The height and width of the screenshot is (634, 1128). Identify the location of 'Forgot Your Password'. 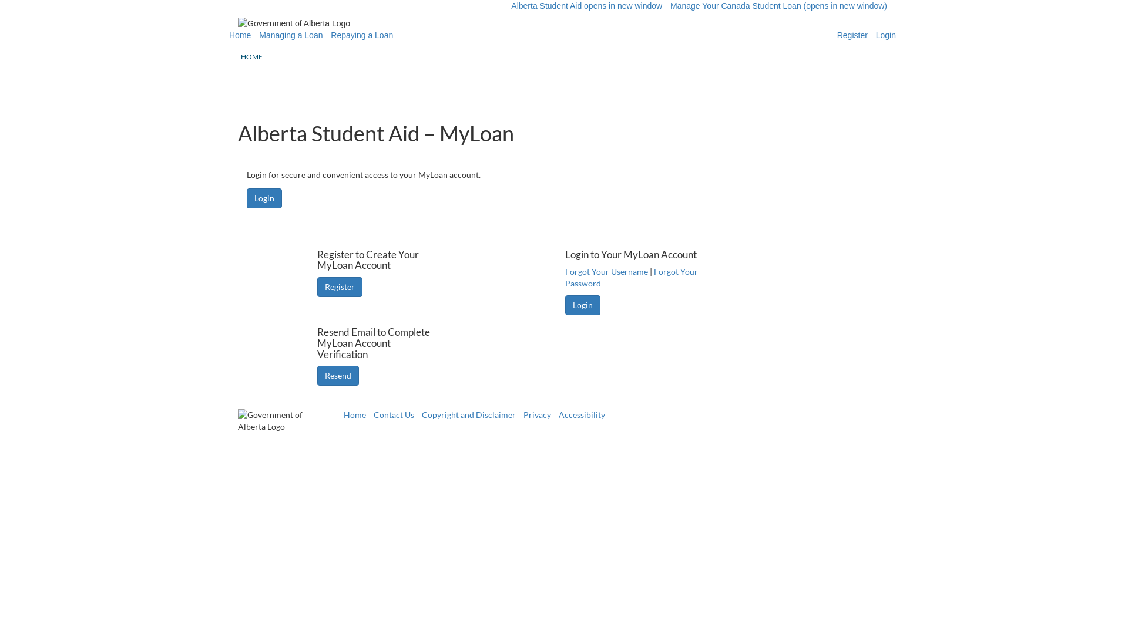
(631, 277).